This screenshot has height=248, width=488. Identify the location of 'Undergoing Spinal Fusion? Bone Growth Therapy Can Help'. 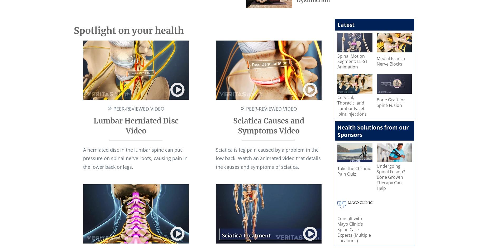
(391, 177).